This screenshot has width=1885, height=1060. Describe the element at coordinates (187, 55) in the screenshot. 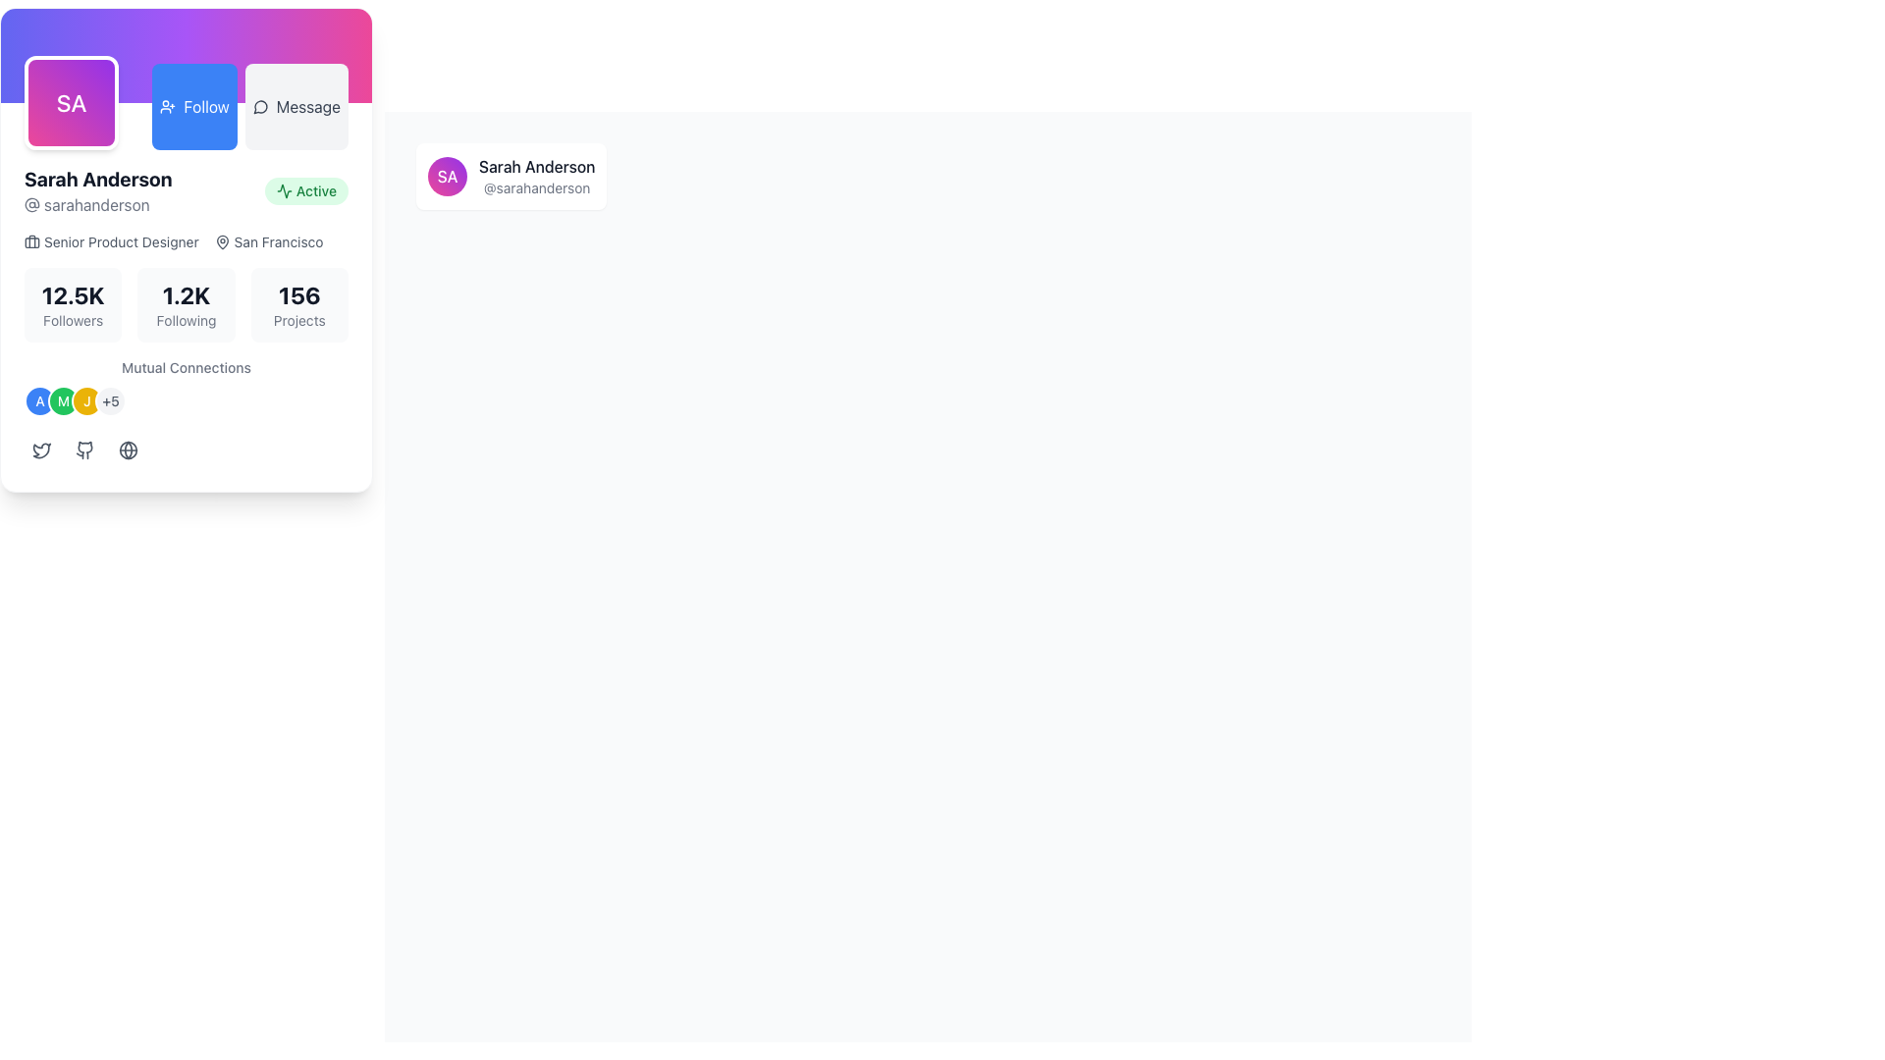

I see `the decorative background element at the top edge of the profile card to enhance visual appeal and segment the card` at that location.